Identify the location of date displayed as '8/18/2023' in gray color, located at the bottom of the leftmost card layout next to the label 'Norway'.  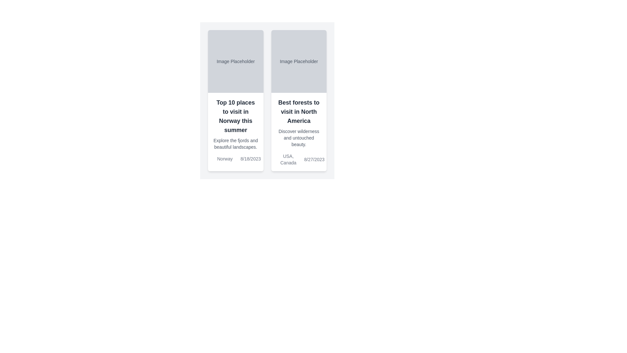
(250, 159).